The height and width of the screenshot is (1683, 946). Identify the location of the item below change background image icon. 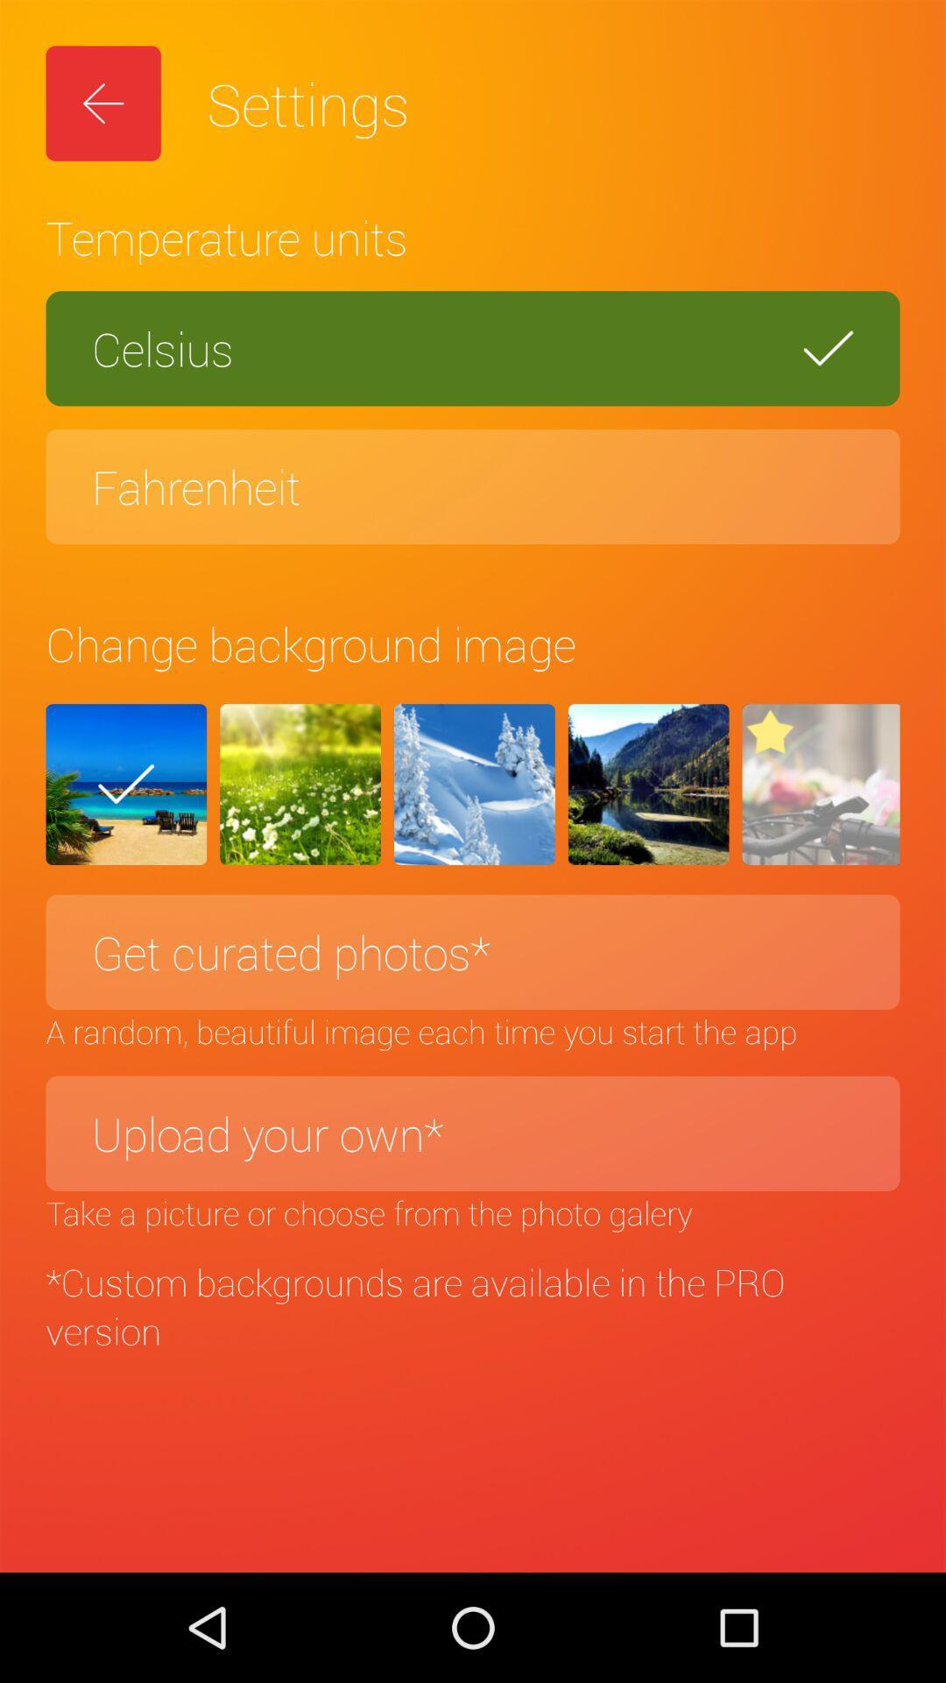
(300, 784).